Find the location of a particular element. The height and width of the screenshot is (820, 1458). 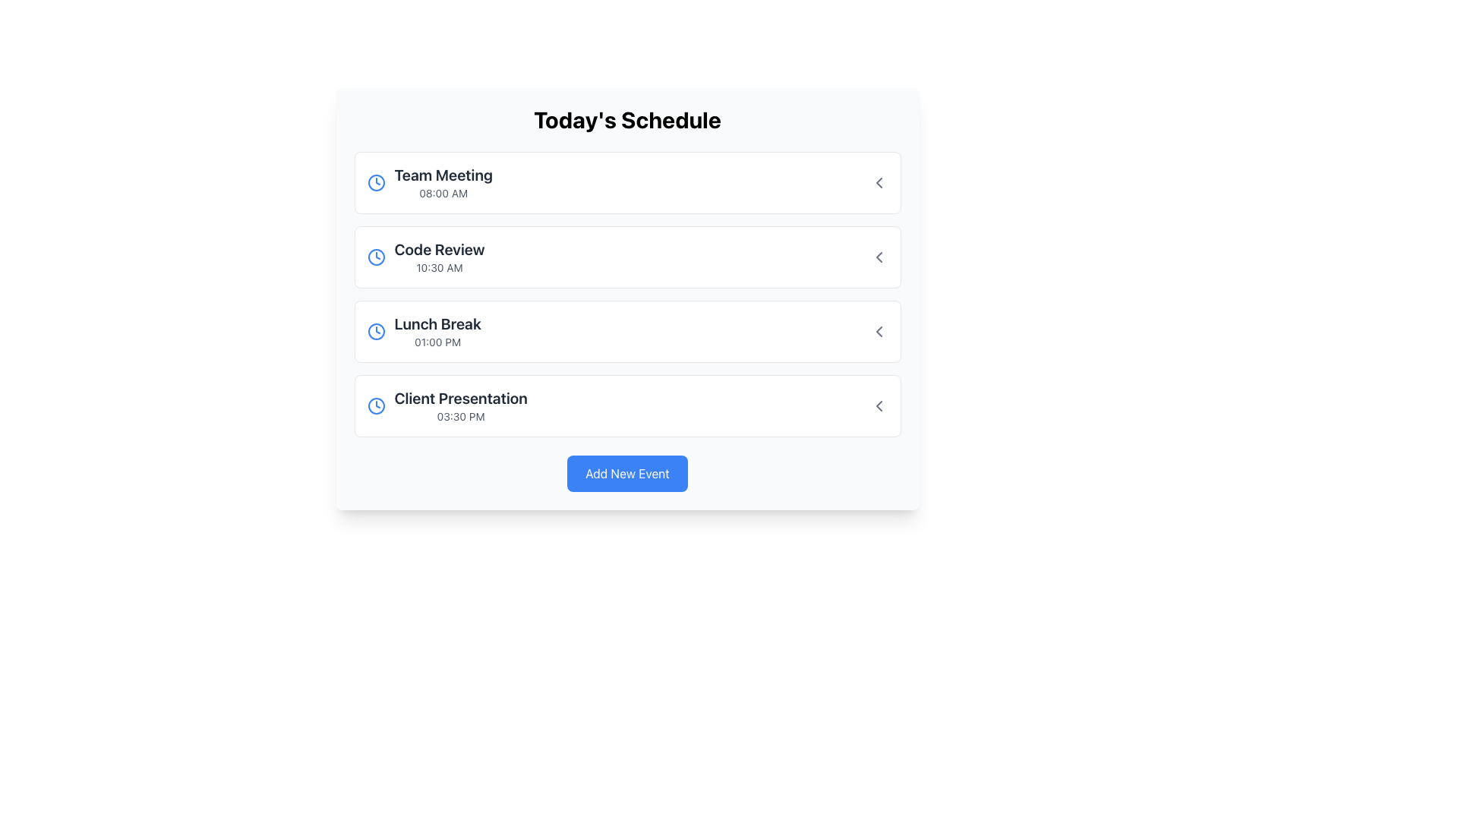

the interactive arrow icon at the far right of the 'Team Meeting 08:00 AM' row is located at coordinates (879, 181).